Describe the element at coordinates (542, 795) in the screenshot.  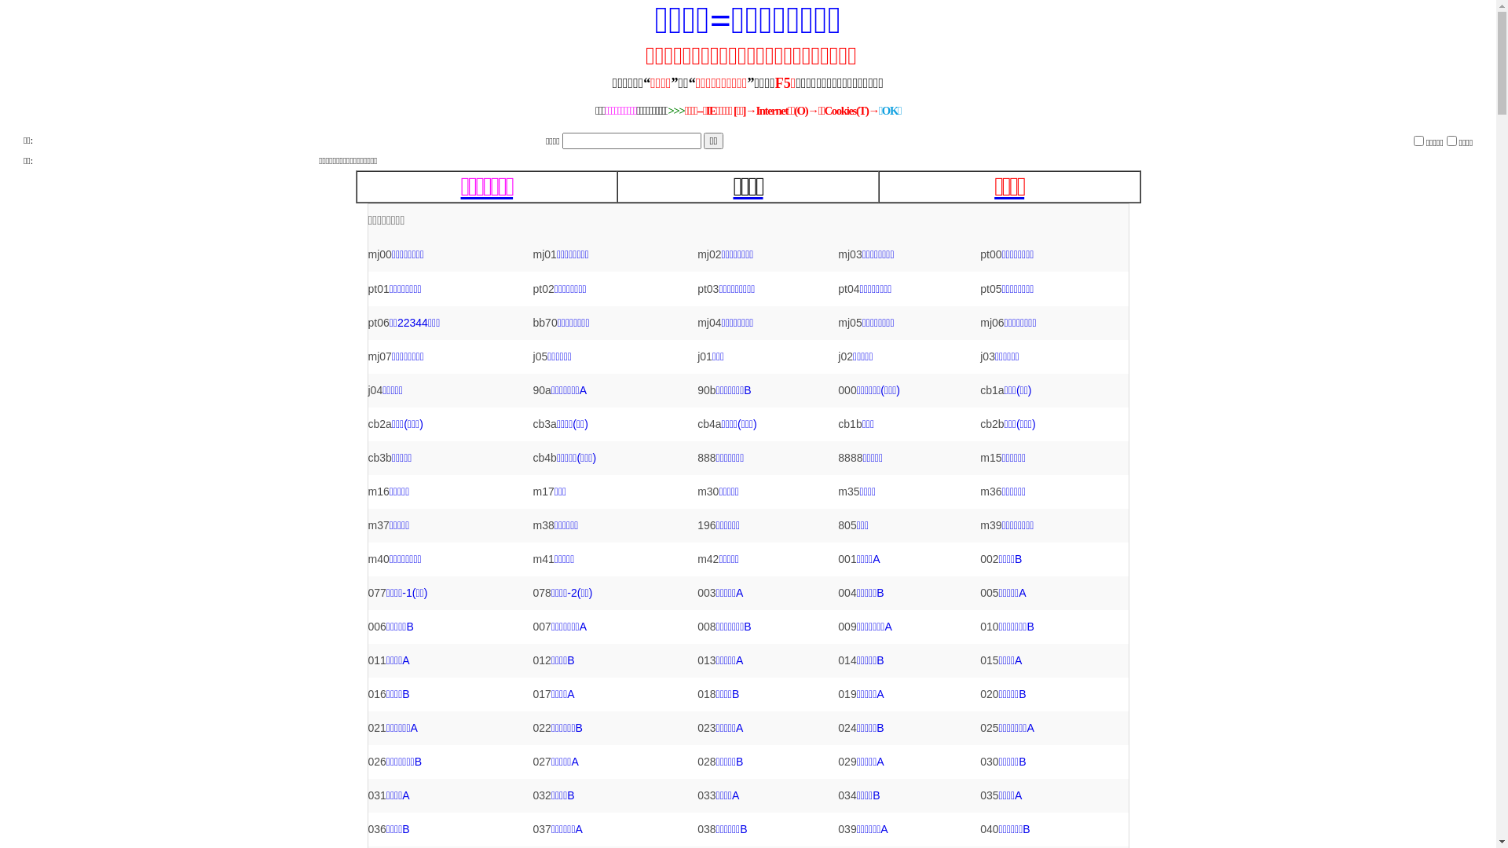
I see `'032'` at that location.